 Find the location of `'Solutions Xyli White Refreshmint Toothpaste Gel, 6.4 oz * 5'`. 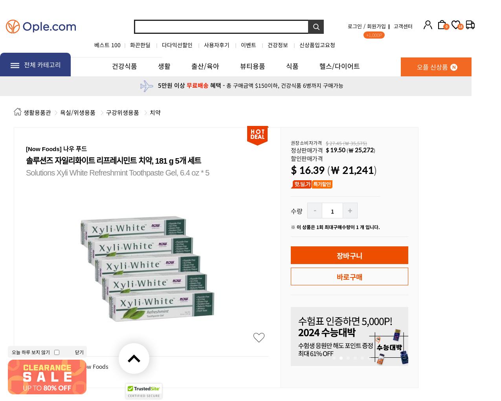

'Solutions Xyli White Refreshmint Toothpaste Gel, 6.4 oz * 5' is located at coordinates (26, 172).